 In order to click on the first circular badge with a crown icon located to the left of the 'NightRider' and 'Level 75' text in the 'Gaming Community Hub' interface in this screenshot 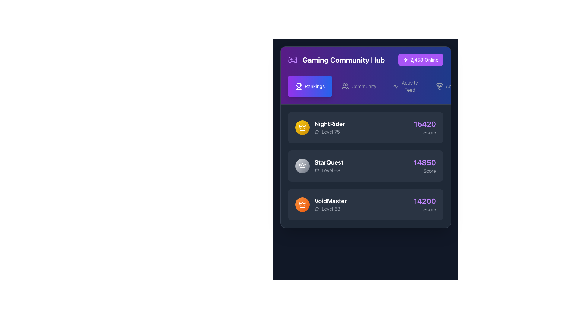, I will do `click(302, 127)`.